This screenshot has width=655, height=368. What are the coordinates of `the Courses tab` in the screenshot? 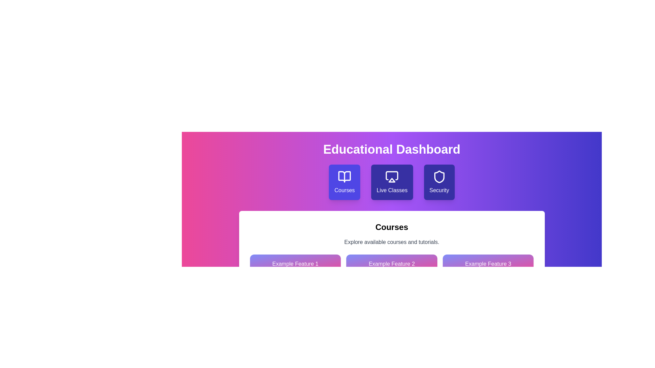 It's located at (344, 182).